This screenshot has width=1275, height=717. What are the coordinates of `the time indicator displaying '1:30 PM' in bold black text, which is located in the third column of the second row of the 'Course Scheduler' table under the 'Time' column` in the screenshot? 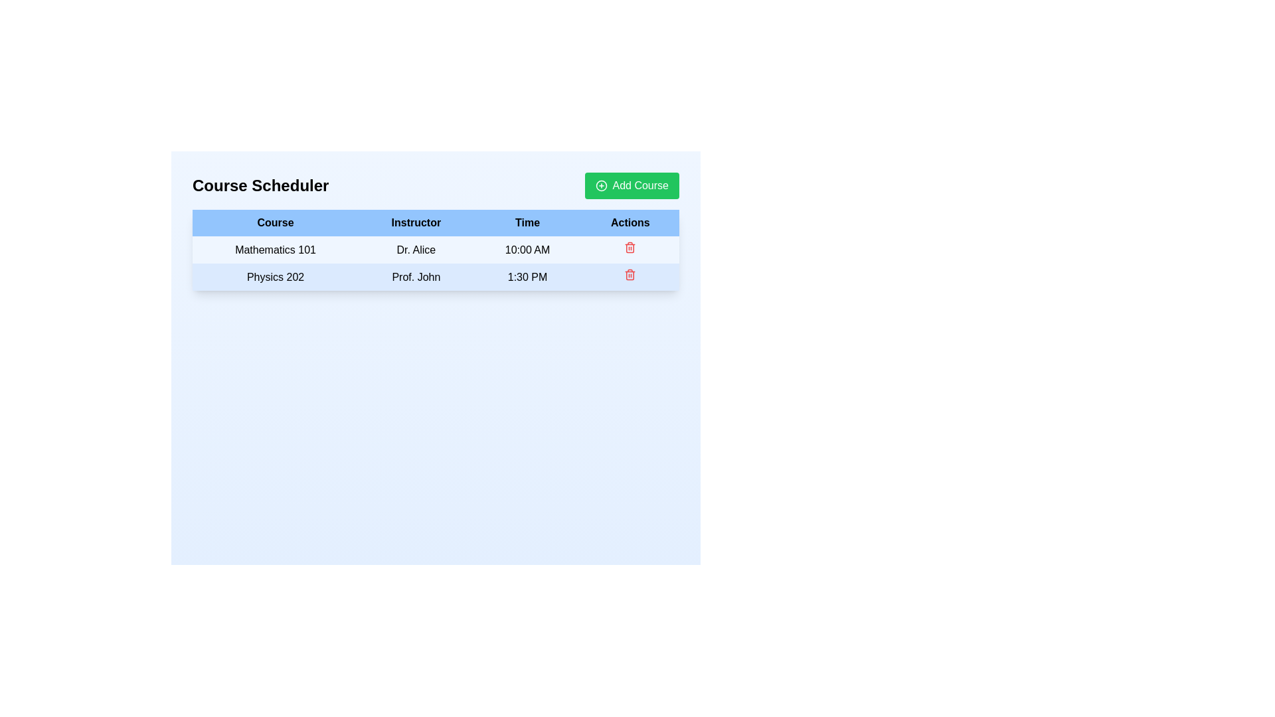 It's located at (527, 276).